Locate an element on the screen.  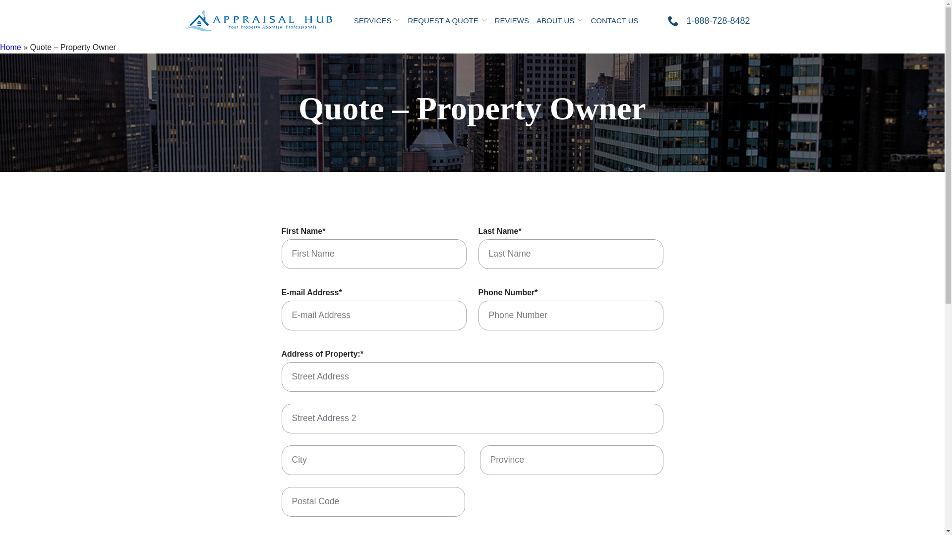
'Skip to Content' is located at coordinates (0, 0).